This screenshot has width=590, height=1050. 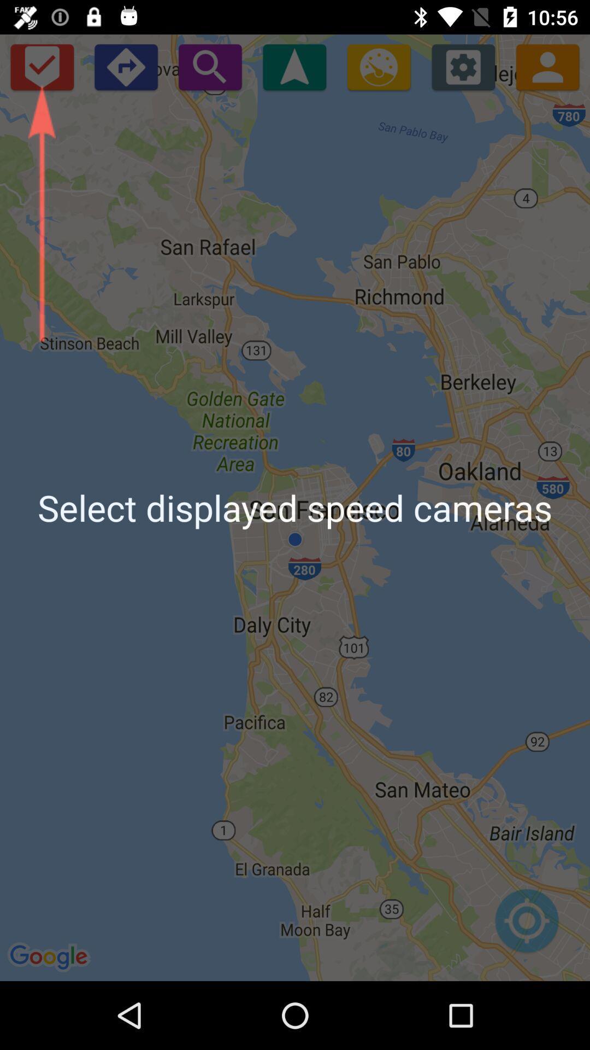 I want to click on direction button, so click(x=125, y=66).